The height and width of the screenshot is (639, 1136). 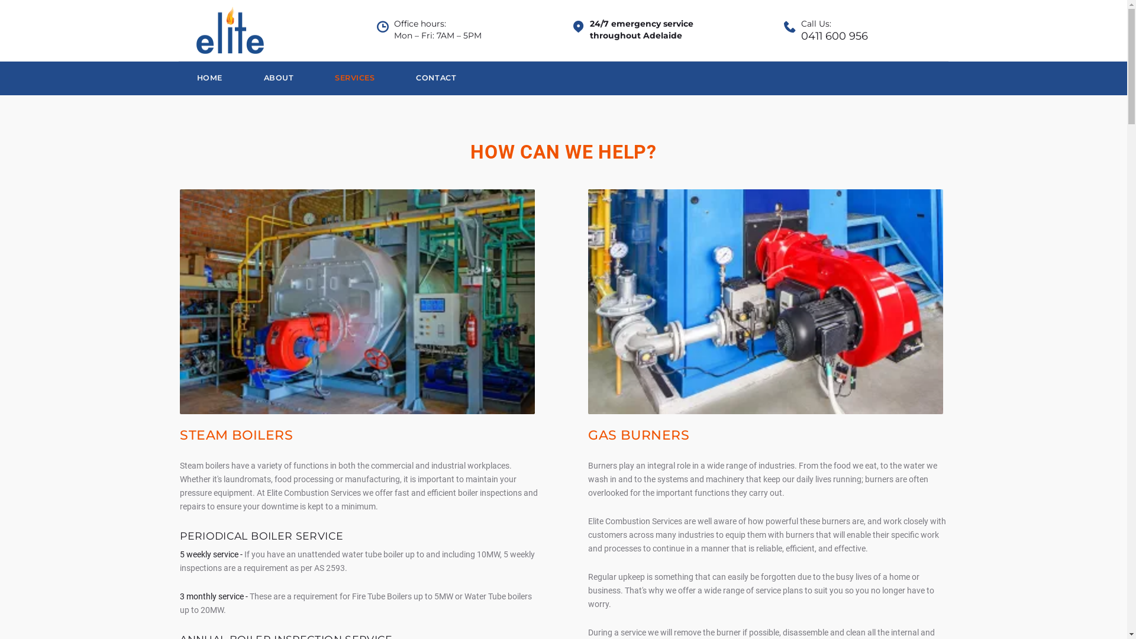 I want to click on 'CONTACT', so click(x=438, y=78).